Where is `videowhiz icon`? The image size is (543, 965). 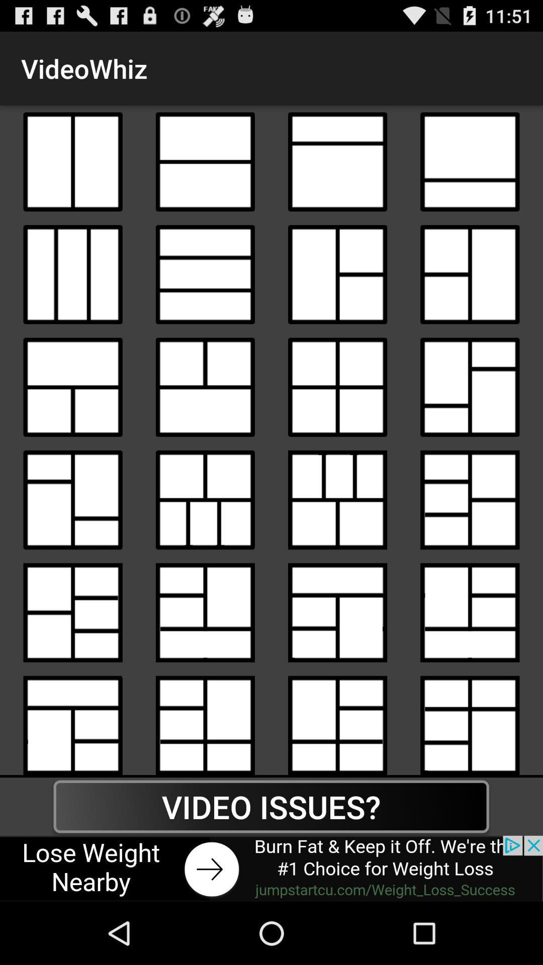
videowhiz icon is located at coordinates (337, 721).